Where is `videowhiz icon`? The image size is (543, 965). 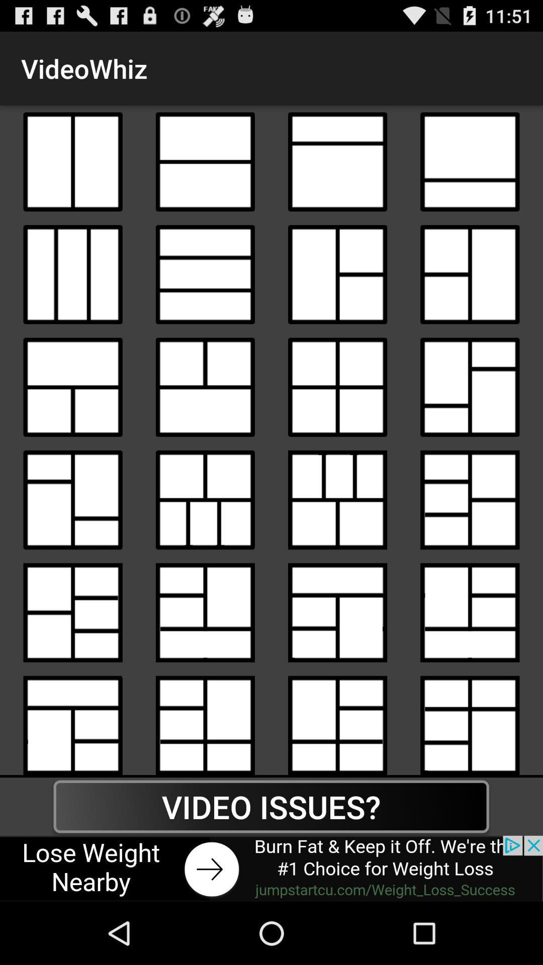
videowhiz icon is located at coordinates (337, 721).